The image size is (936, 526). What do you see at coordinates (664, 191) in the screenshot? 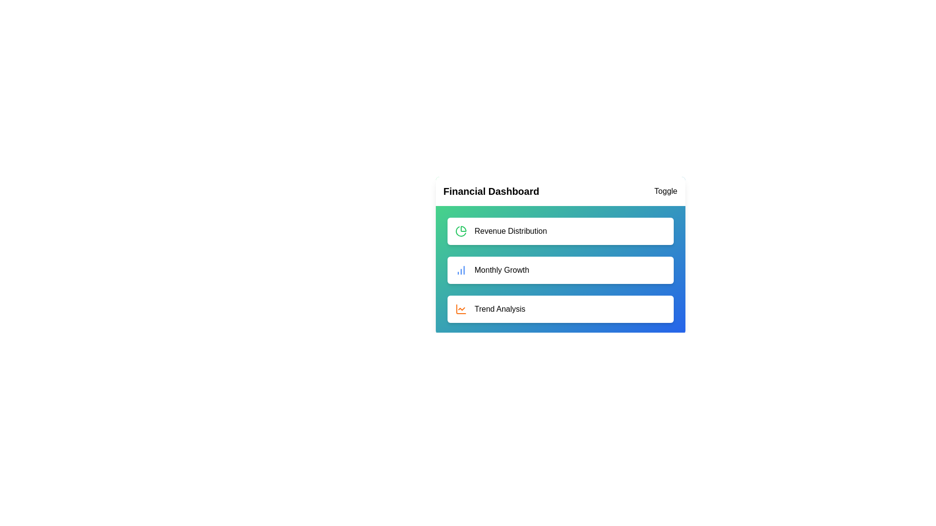
I see `the toggle button to expand or collapse the menu` at bounding box center [664, 191].